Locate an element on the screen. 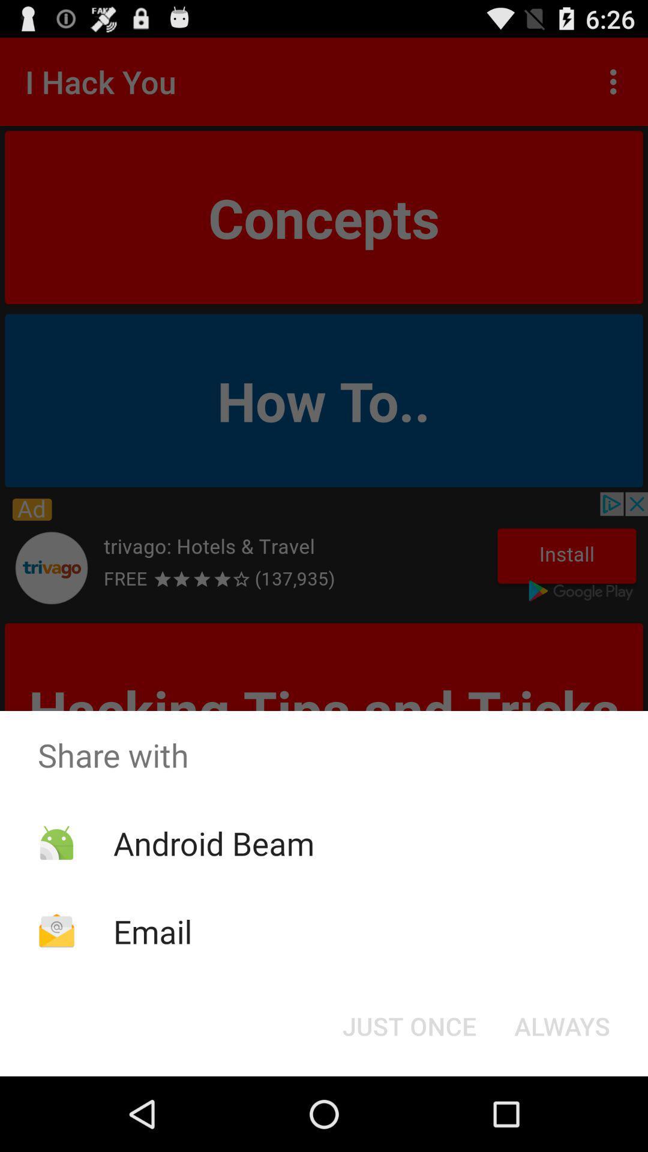 The image size is (648, 1152). just once item is located at coordinates (409, 1025).